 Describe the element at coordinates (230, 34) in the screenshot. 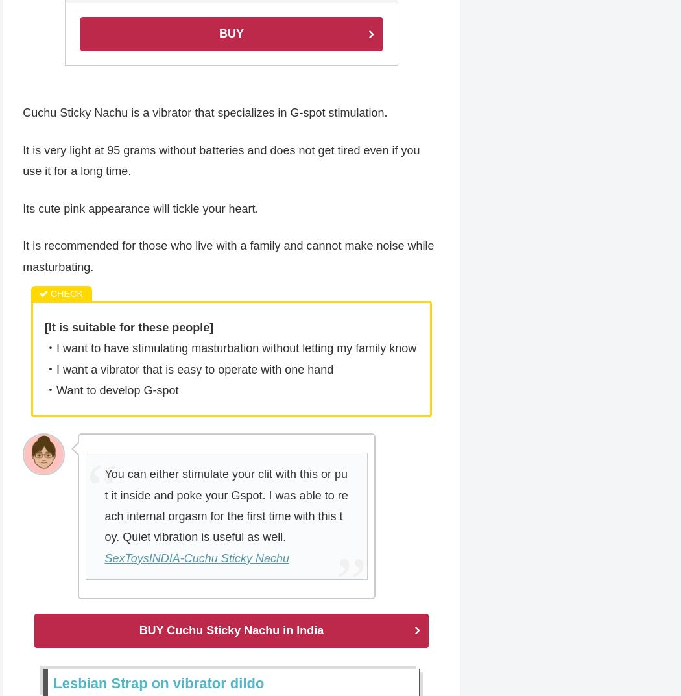

I see `'BUY'` at that location.